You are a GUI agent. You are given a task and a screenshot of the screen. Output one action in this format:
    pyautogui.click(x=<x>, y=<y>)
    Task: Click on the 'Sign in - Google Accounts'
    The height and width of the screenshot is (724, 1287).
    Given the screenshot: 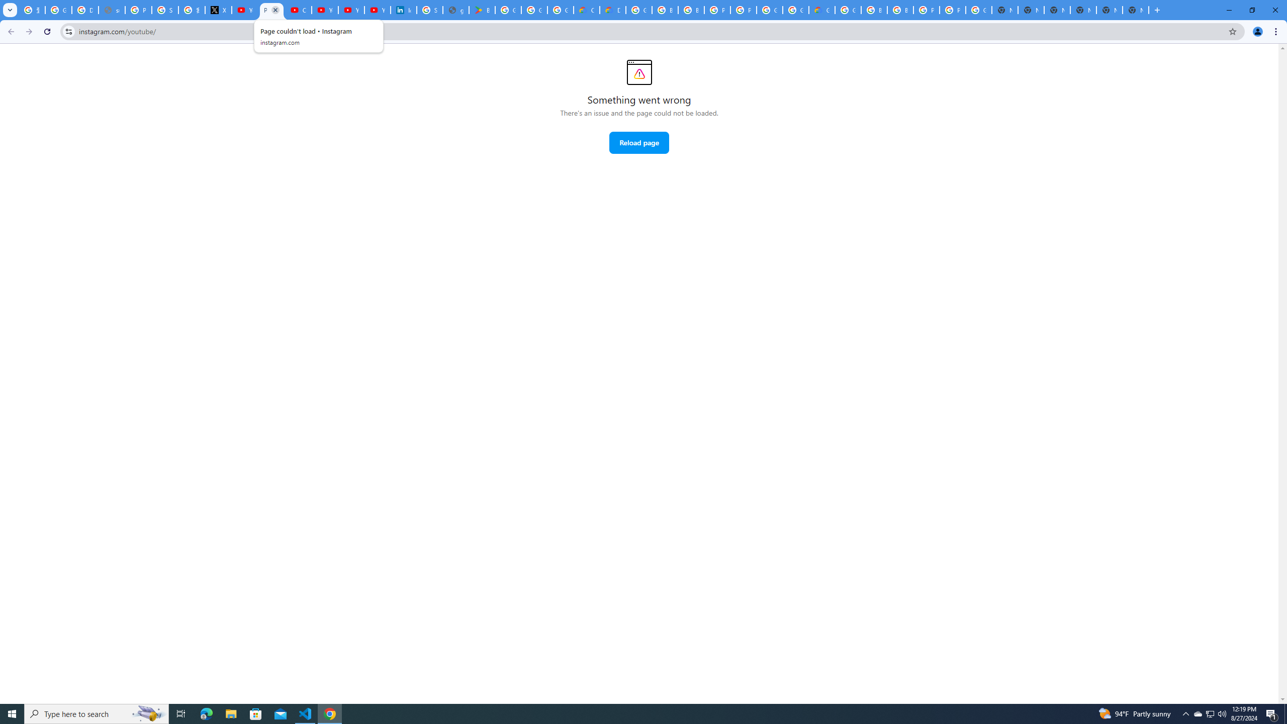 What is the action you would take?
    pyautogui.click(x=164, y=10)
    